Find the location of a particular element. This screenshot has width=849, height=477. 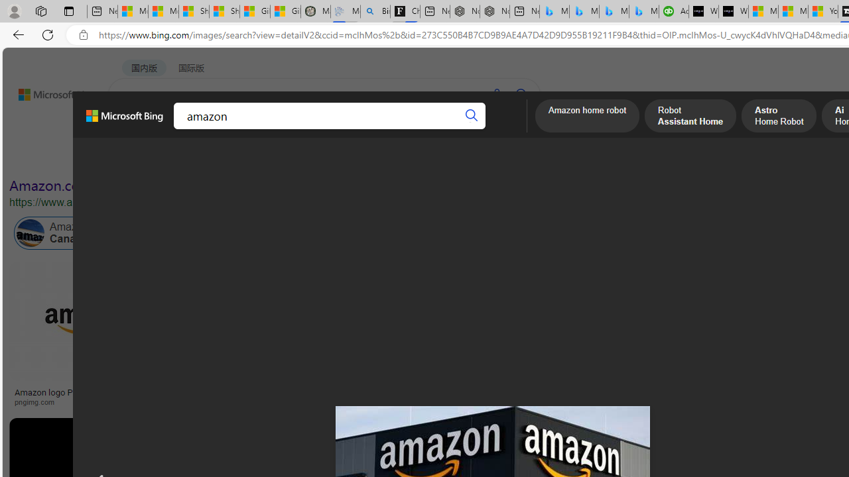

'Chloe Sorvino' is located at coordinates (405, 11).